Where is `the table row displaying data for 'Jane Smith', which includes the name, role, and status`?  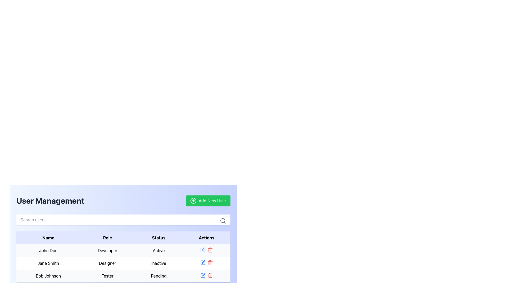 the table row displaying data for 'Jane Smith', which includes the name, role, and status is located at coordinates (123, 263).